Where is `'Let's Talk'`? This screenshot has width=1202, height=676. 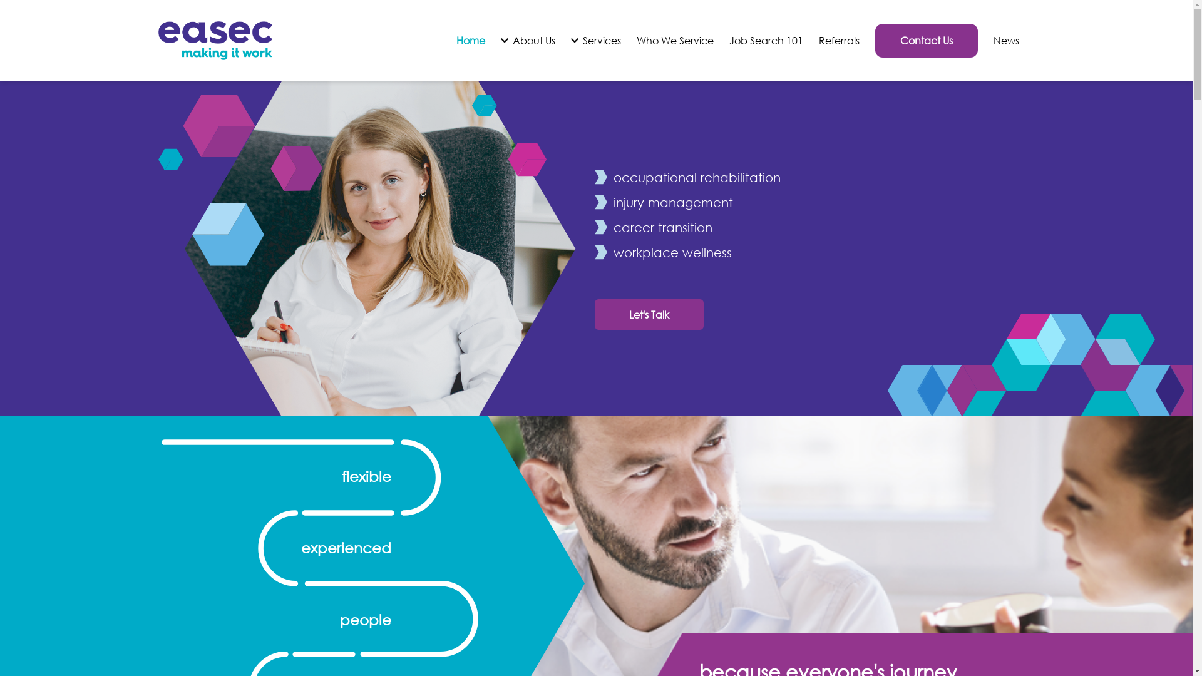
'Let's Talk' is located at coordinates (649, 314).